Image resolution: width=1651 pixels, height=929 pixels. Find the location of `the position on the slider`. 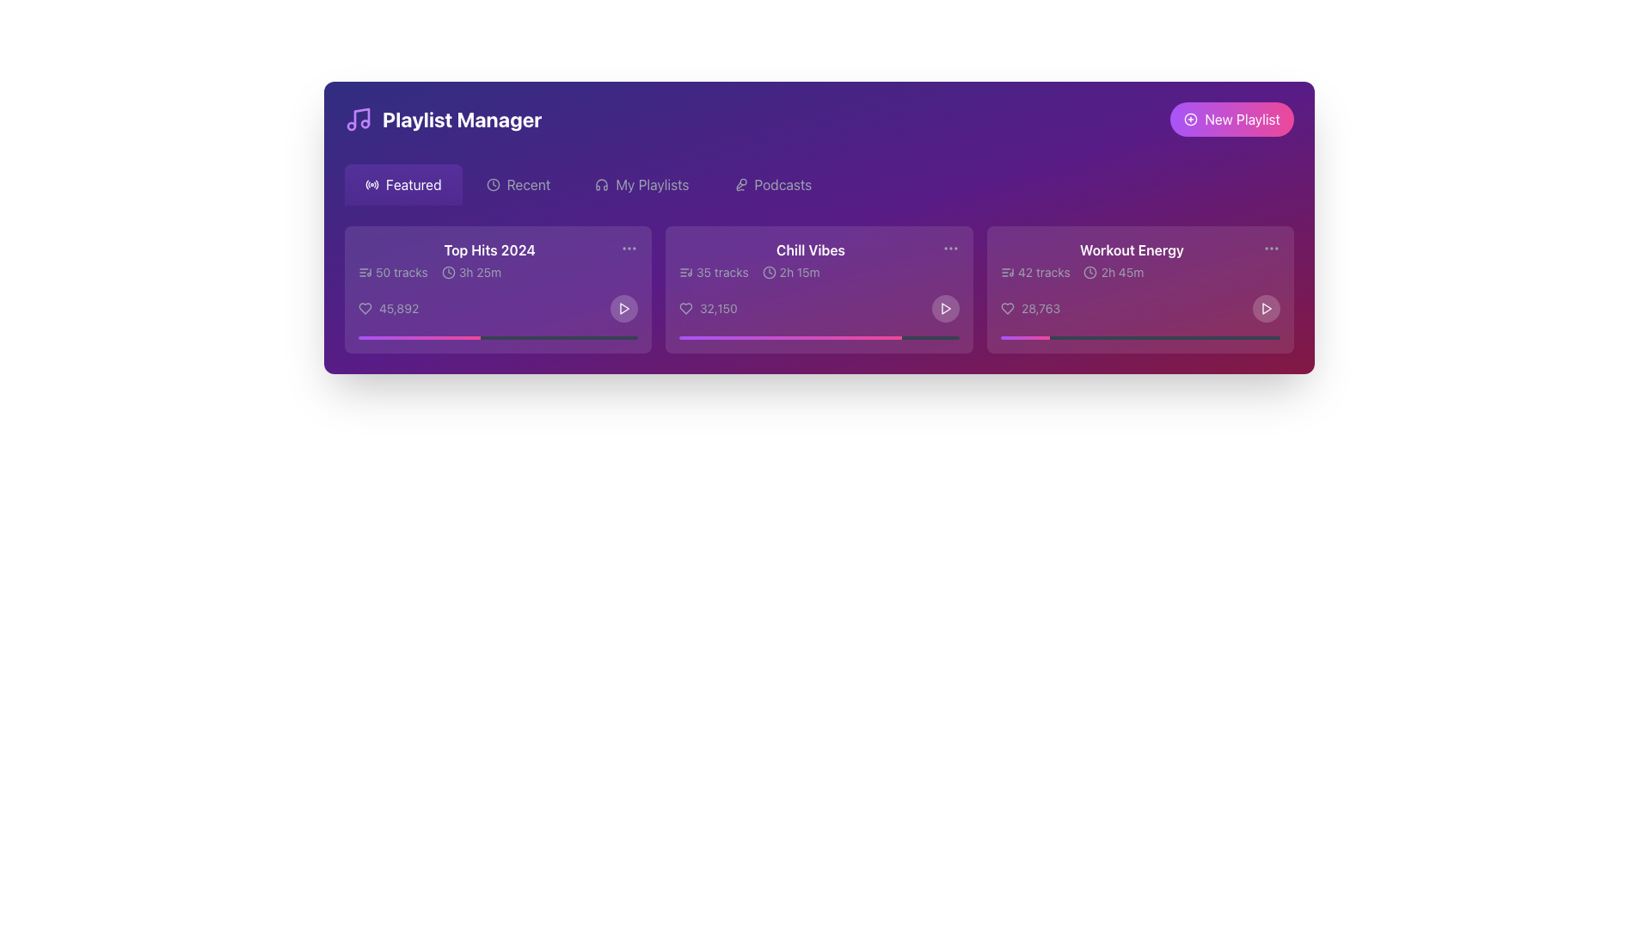

the position on the slider is located at coordinates (848, 338).